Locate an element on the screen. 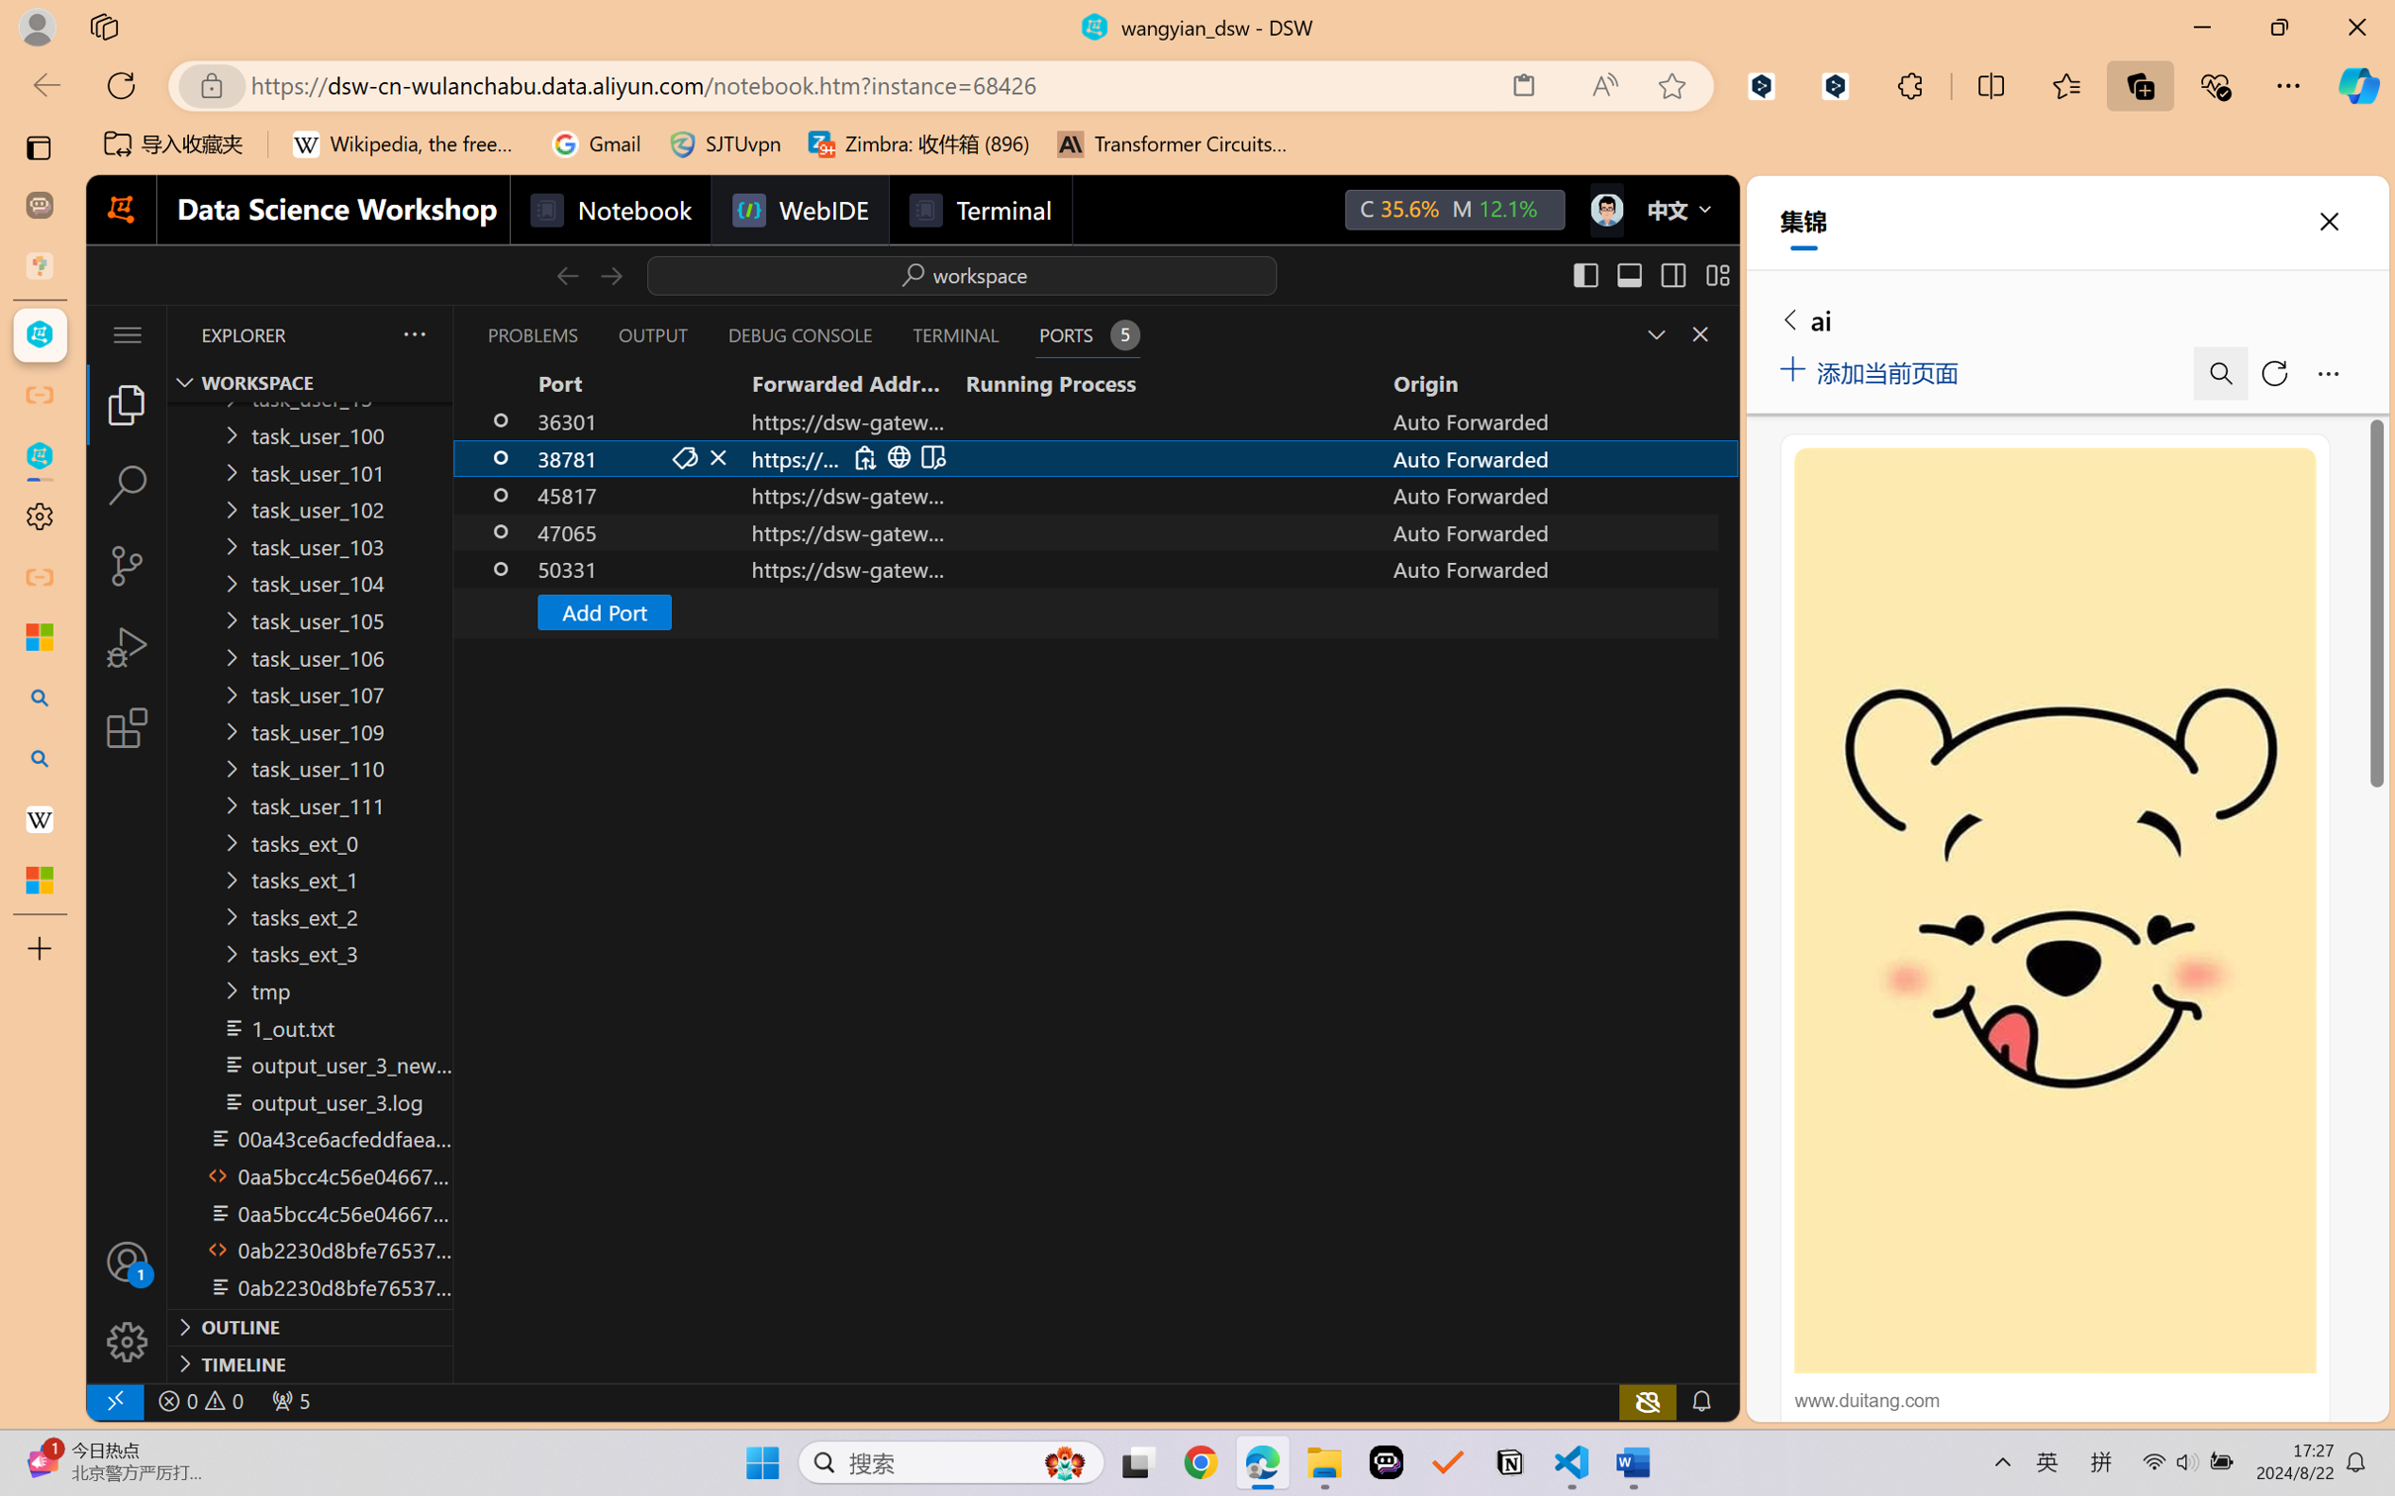 The width and height of the screenshot is (2395, 1496). 'Title actions' is located at coordinates (1651, 274).